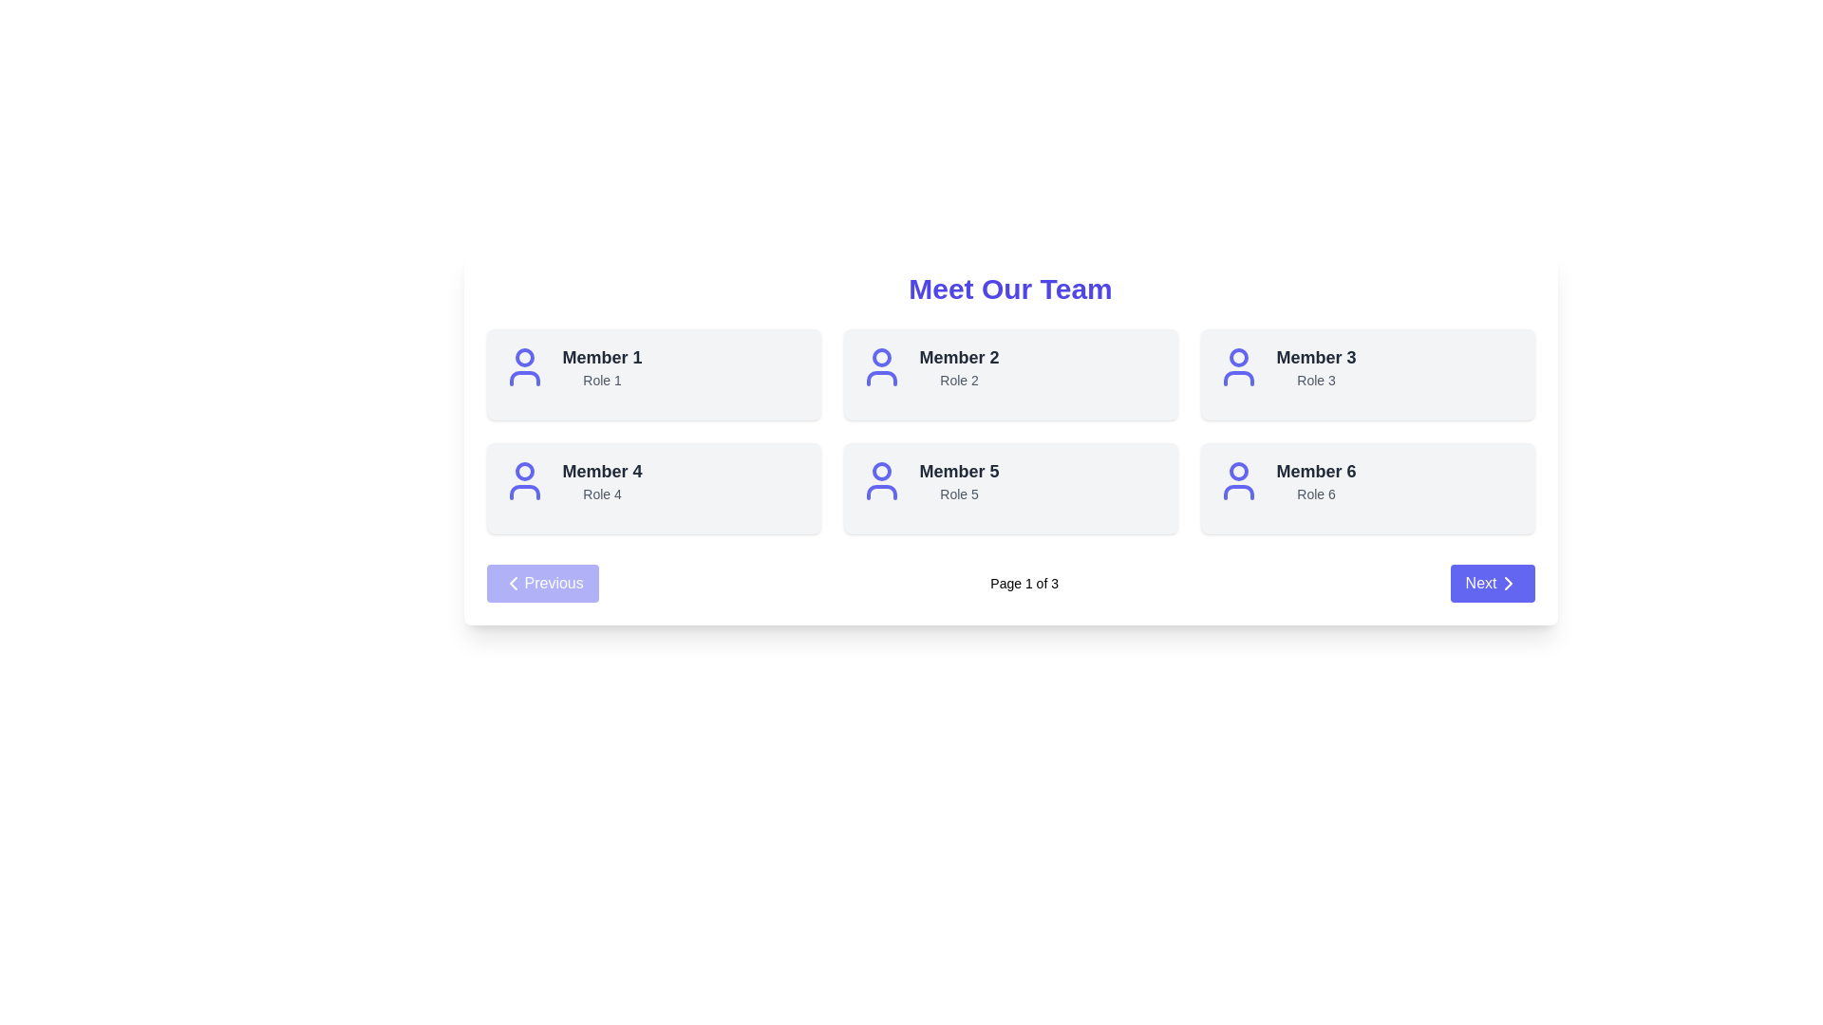  Describe the element at coordinates (1009, 366) in the screenshot. I see `the information card located in the top row, second column of the grid layout` at that location.